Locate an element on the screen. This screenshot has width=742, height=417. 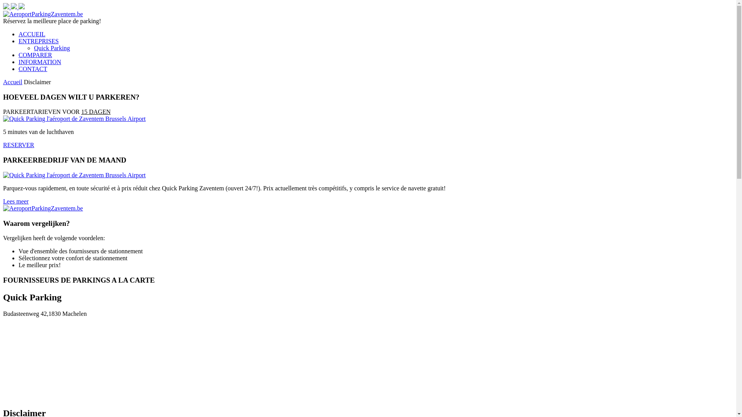
'Quick Parking' is located at coordinates (74, 175).